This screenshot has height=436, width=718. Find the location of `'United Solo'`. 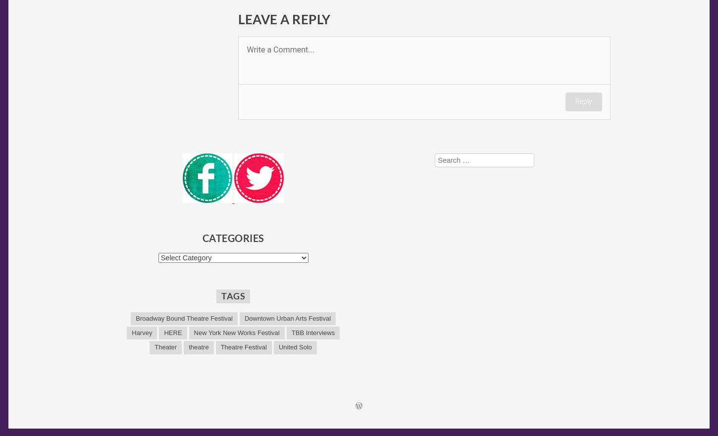

'United Solo' is located at coordinates (295, 346).